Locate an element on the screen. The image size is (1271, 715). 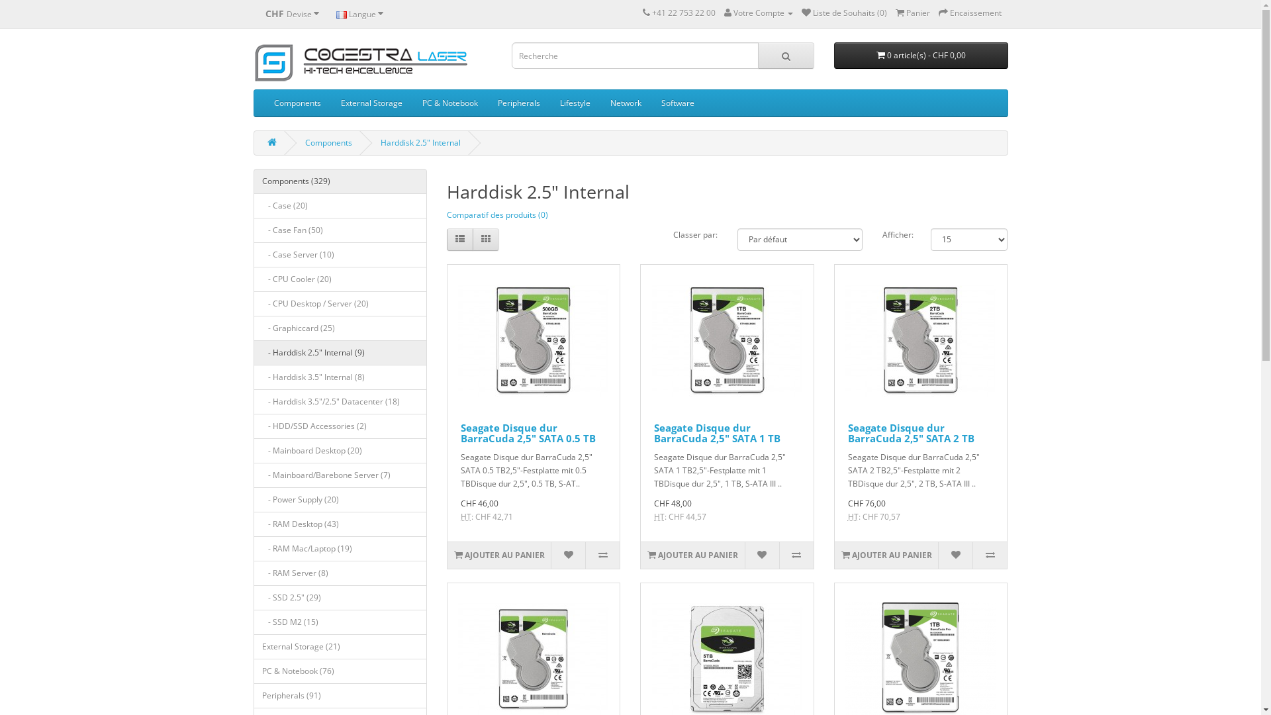
'Network' is located at coordinates (624, 102).